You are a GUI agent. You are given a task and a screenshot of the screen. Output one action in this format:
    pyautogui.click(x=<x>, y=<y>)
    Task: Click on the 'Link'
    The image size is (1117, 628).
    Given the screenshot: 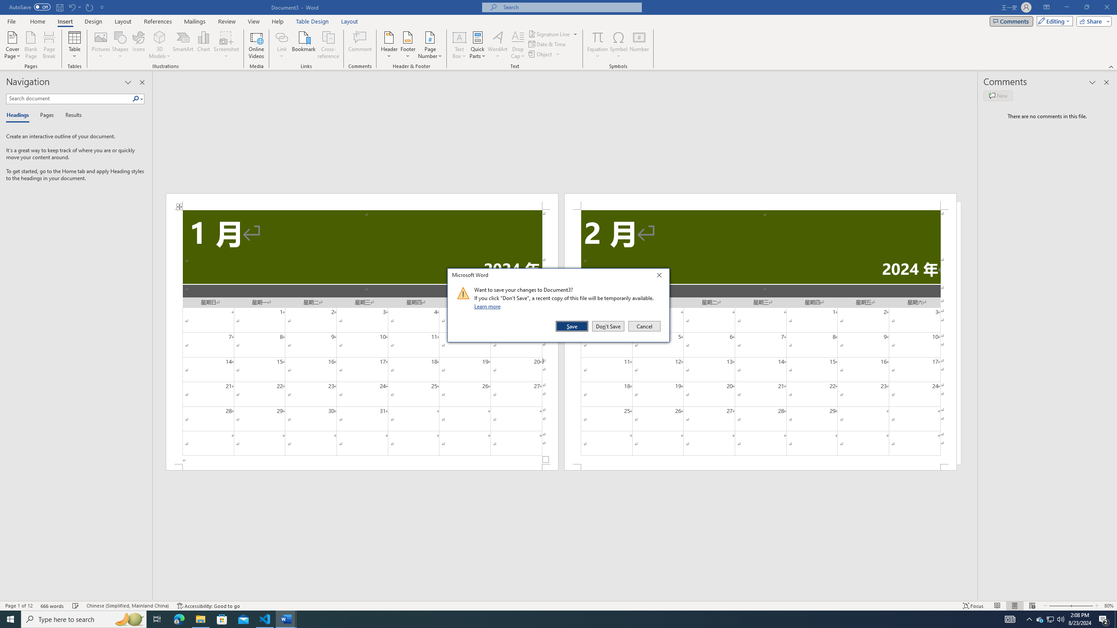 What is the action you would take?
    pyautogui.click(x=281, y=37)
    